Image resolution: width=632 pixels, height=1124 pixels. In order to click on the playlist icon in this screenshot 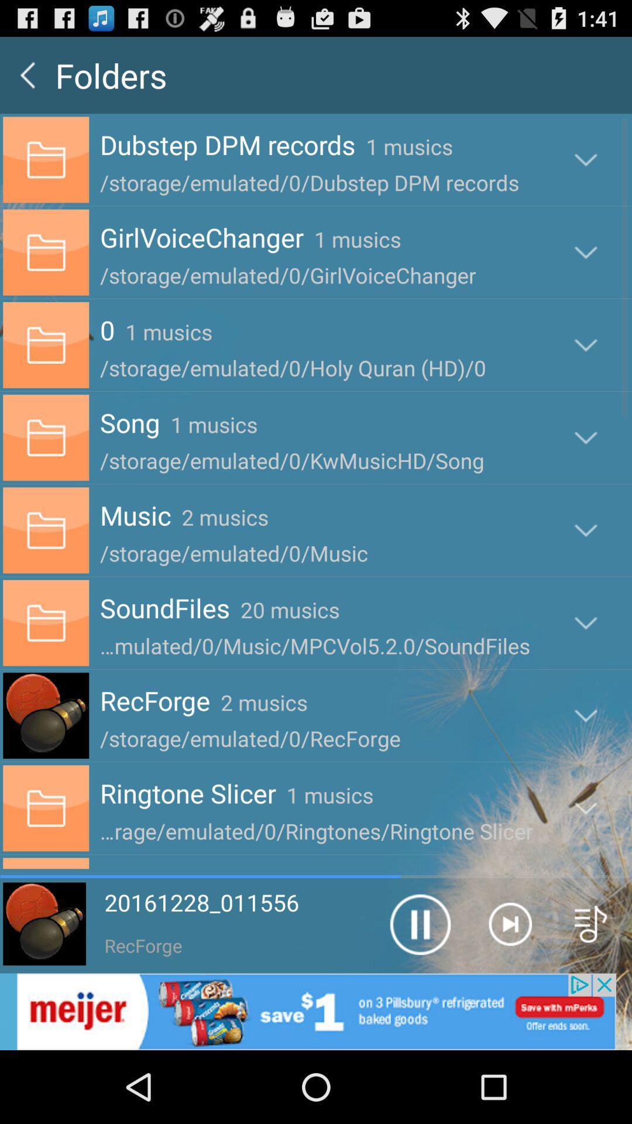, I will do `click(591, 988)`.